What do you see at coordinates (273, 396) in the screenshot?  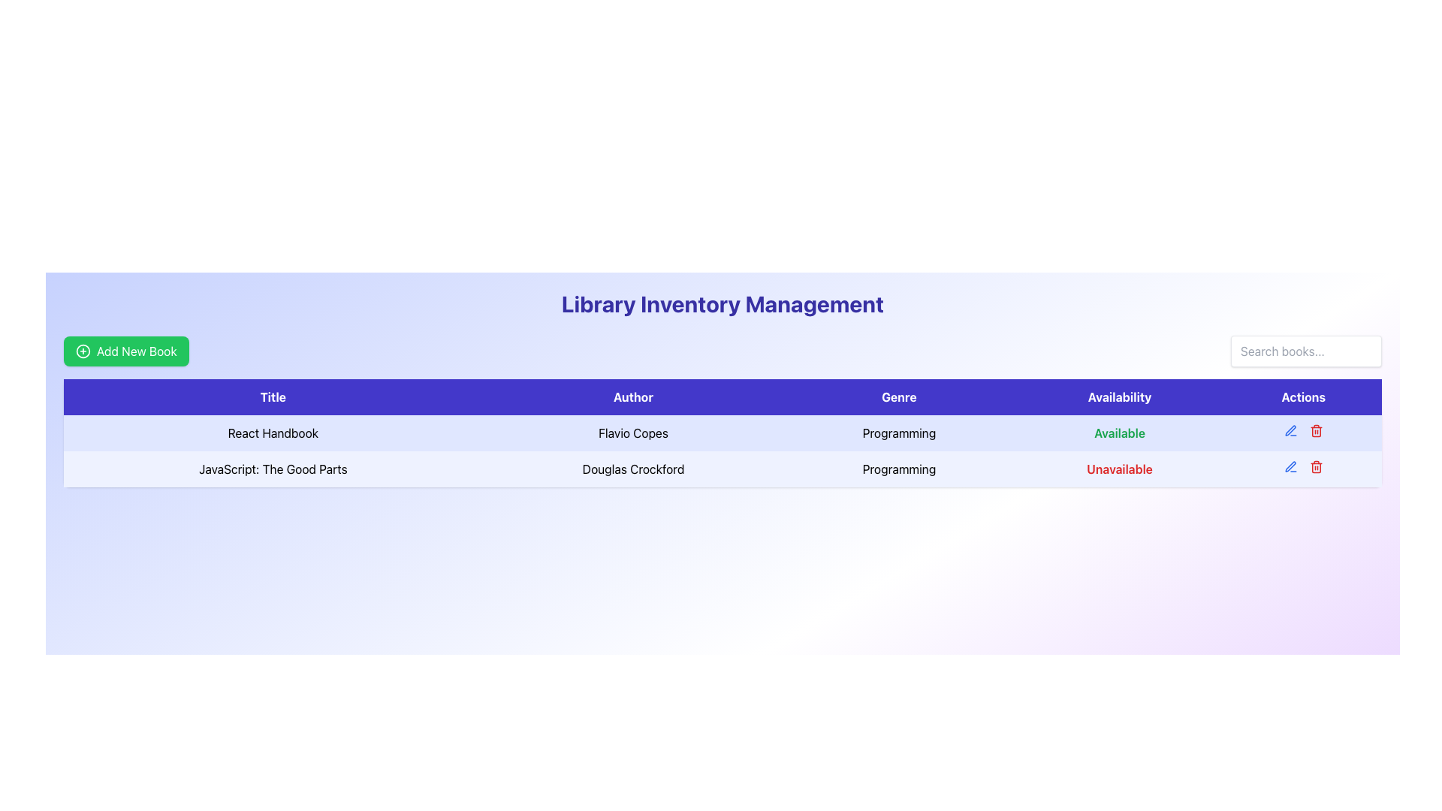 I see `text from the header labeled 'Title', which is styled with a vibrant blue background and white bold sans-serif font, located in the leftmost column of the header row` at bounding box center [273, 396].